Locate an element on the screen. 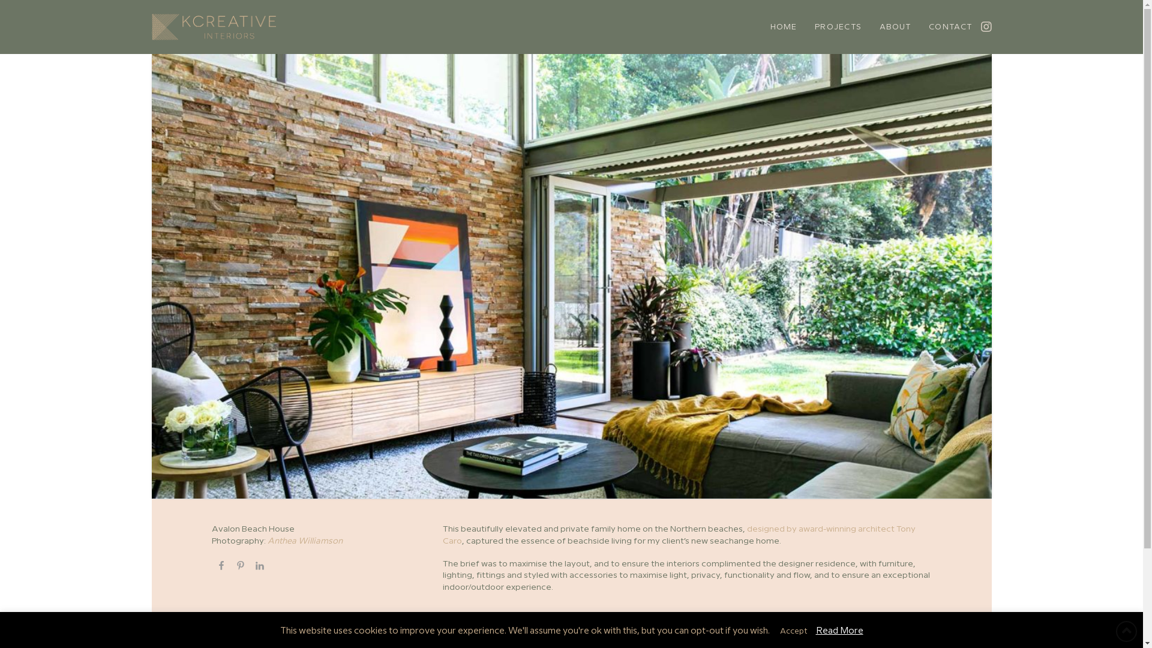 The width and height of the screenshot is (1152, 648). 'Anthea Williamson' is located at coordinates (305, 541).